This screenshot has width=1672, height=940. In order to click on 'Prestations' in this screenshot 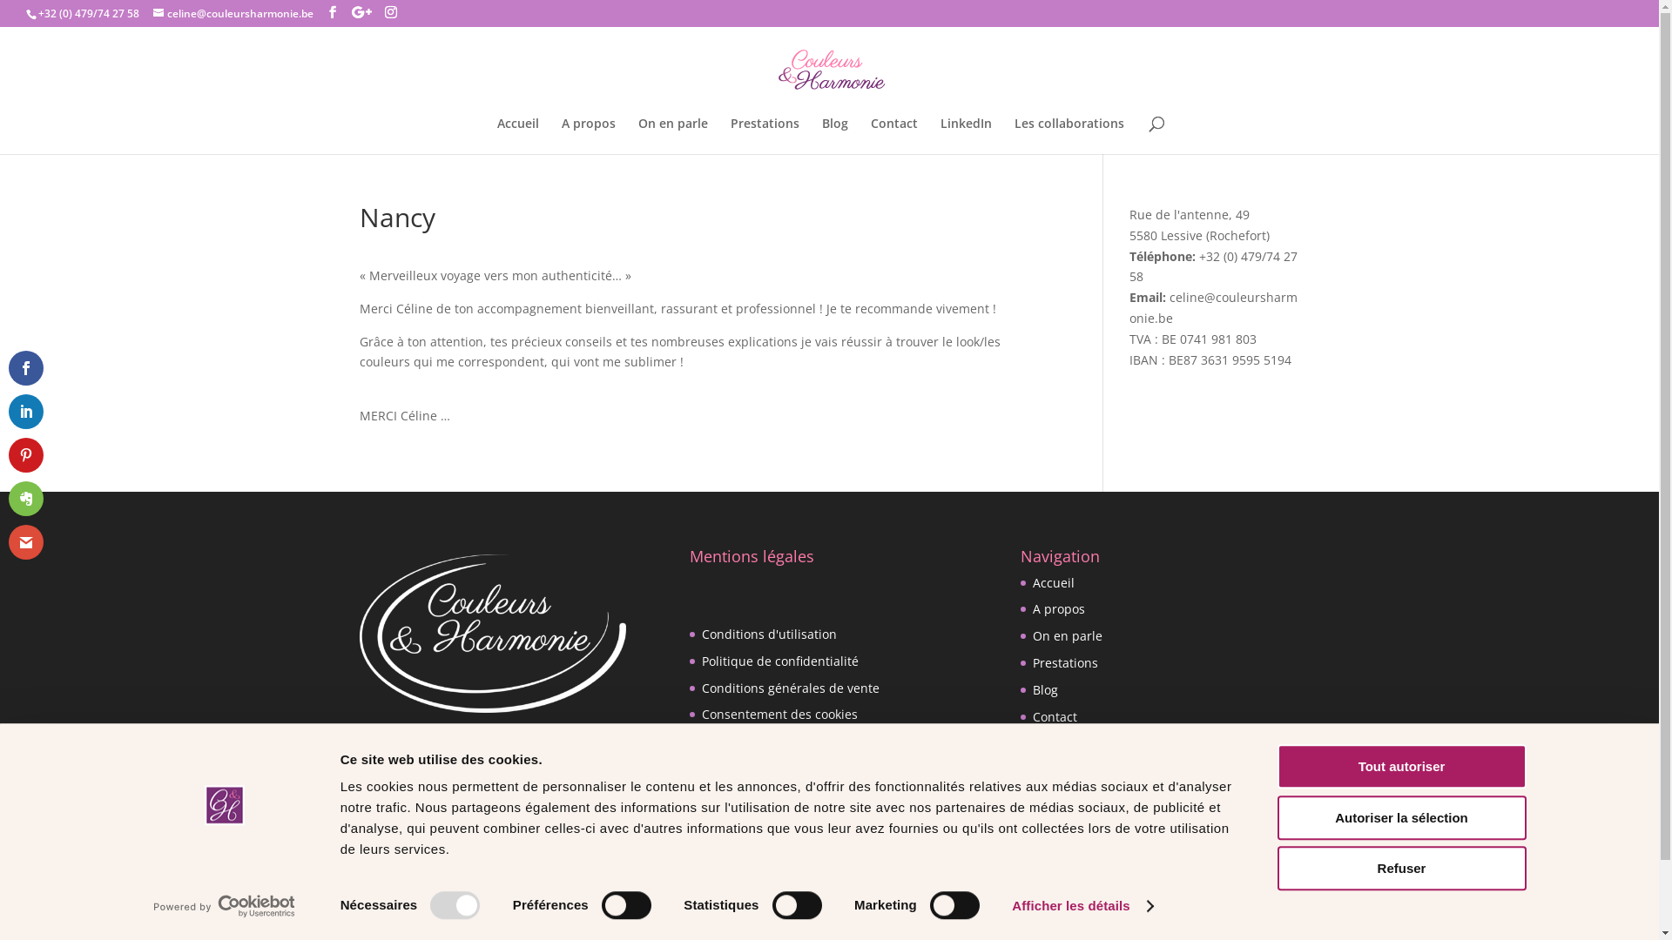, I will do `click(1064, 662)`.